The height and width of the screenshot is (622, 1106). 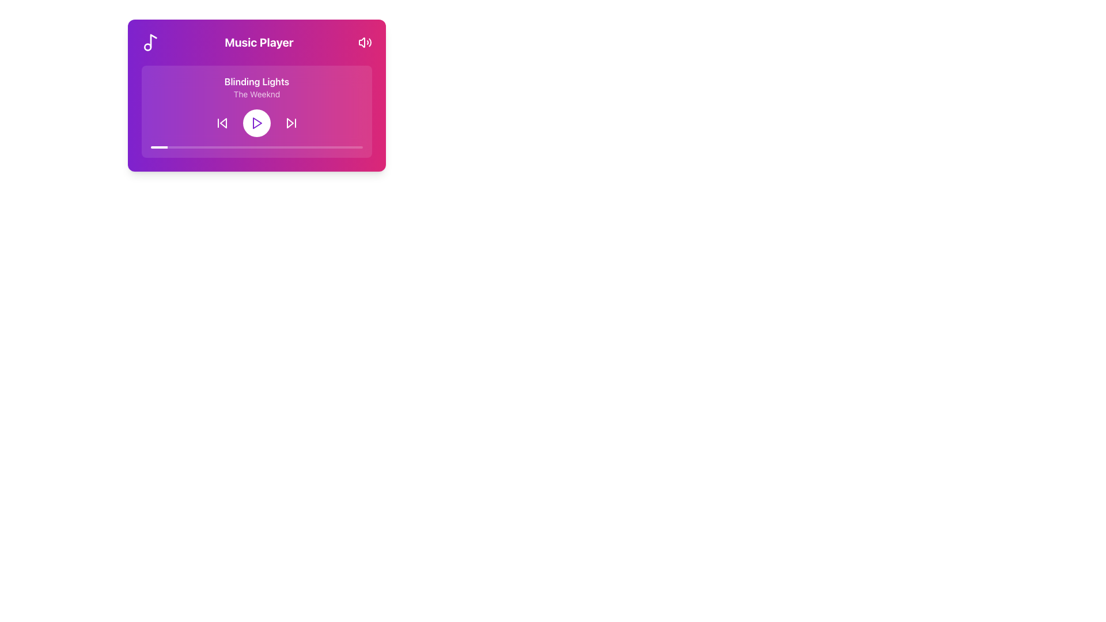 What do you see at coordinates (291, 123) in the screenshot?
I see `the rightmost button in the row of control buttons in the music player interface to skip forward to the next track` at bounding box center [291, 123].